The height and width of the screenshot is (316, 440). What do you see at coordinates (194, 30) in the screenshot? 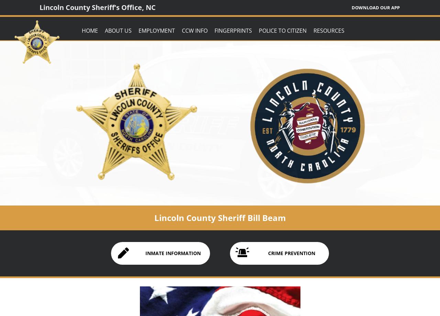
I see `'CCW Info'` at bounding box center [194, 30].